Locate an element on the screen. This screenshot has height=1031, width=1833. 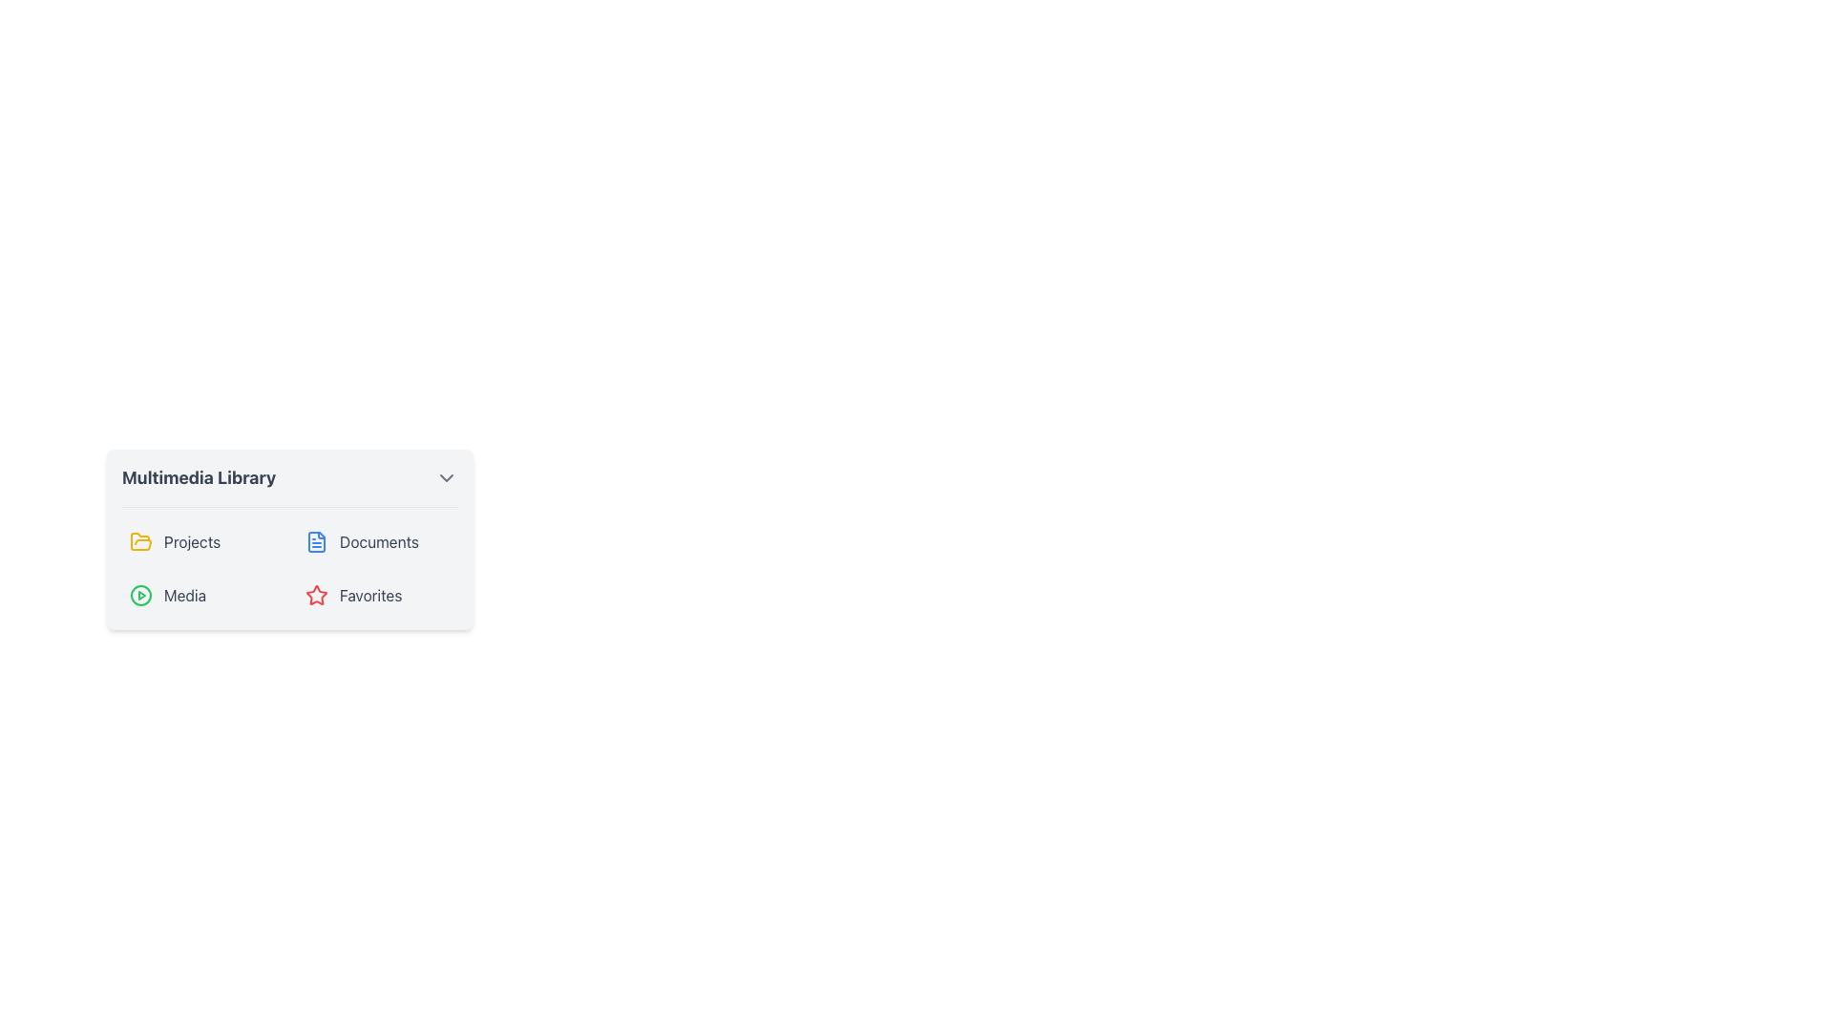
the blue document icon in the 'Documents' section of the Multimedia Library menu, located in the top right corner adjacent to the text 'Documents' is located at coordinates (316, 541).